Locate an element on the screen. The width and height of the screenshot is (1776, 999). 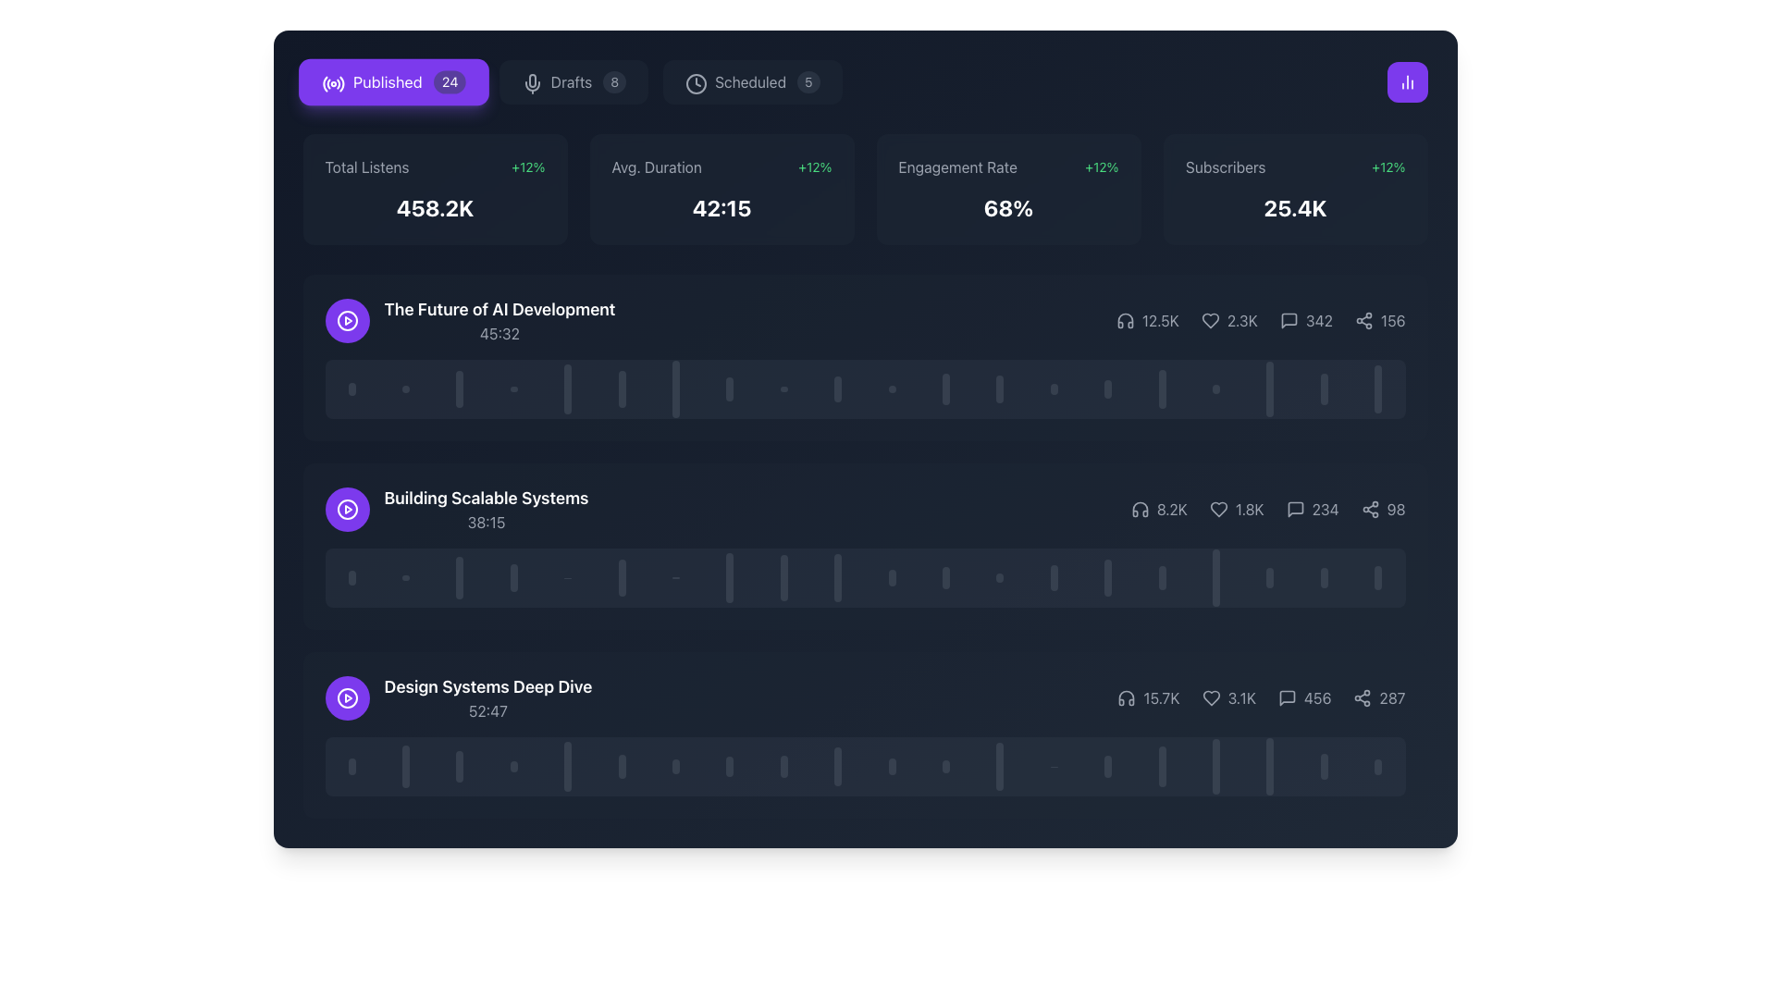
the twelfth vertical progress indicator in a sequence of similar elements, which is colored in gray with partial transparency and has a subtle glow-like appearance is located at coordinates (945, 576).